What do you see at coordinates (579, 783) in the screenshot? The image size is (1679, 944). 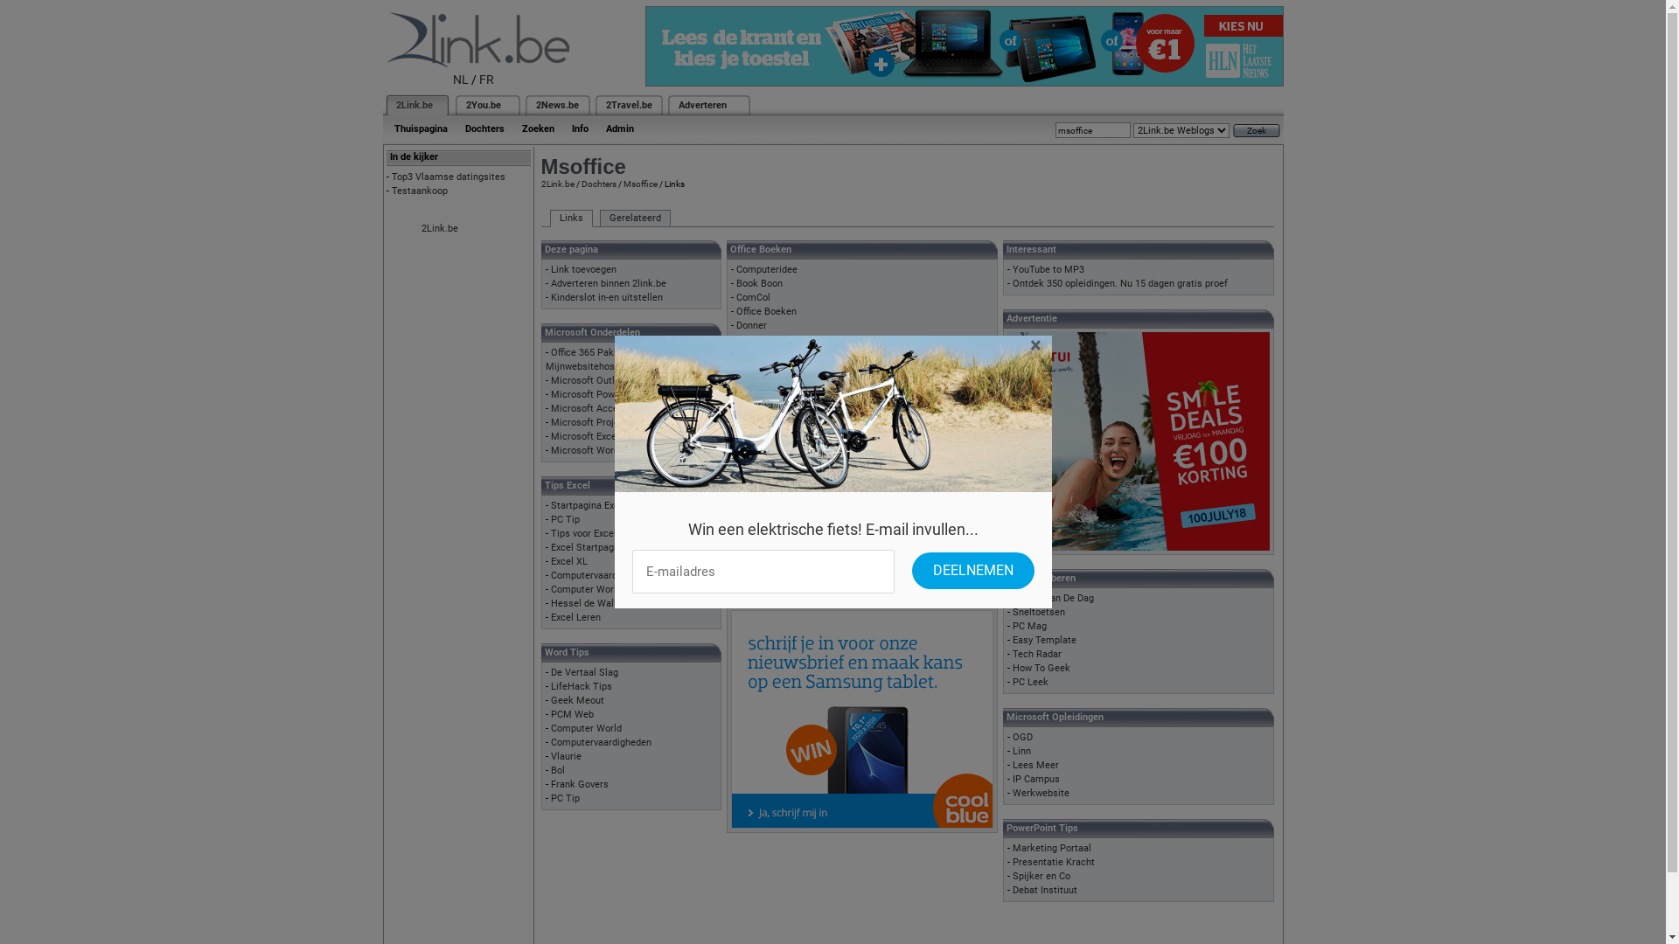 I see `'Frank Govers'` at bounding box center [579, 783].